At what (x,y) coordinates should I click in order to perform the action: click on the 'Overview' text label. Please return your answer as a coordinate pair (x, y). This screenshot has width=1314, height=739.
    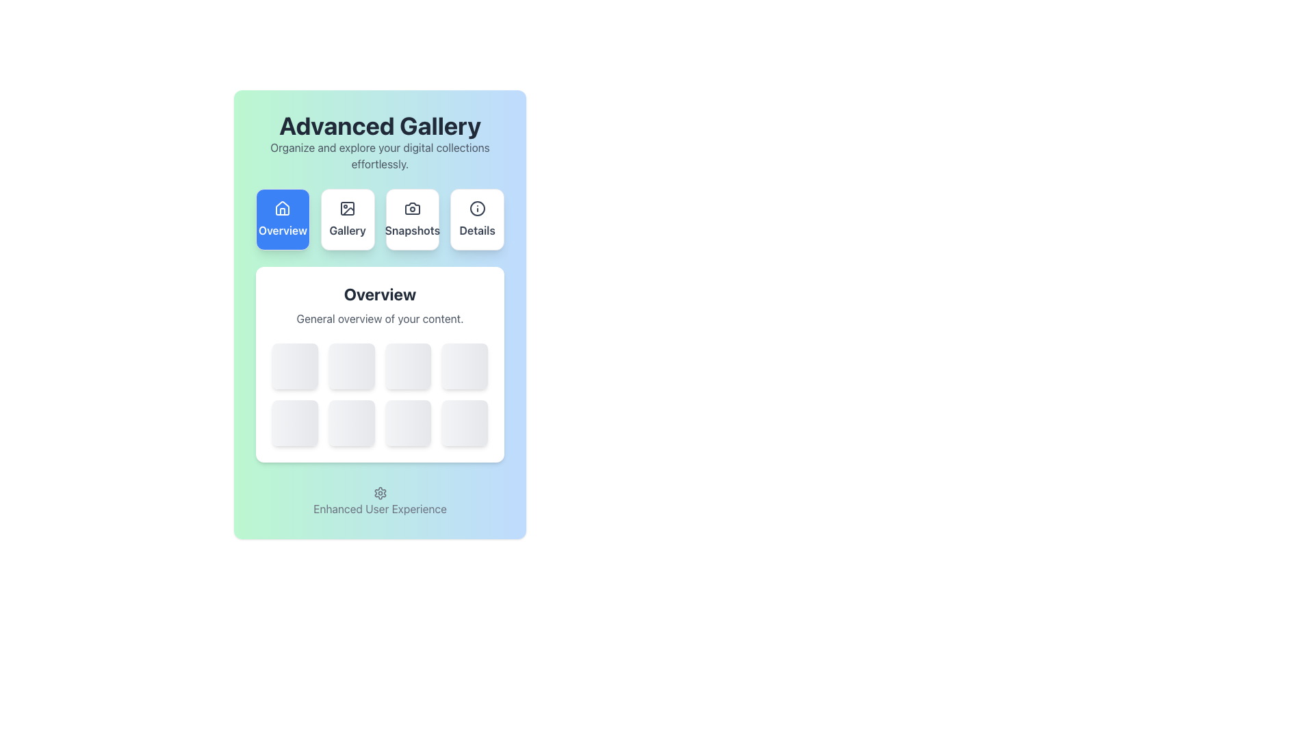
    Looking at the image, I should click on (282, 229).